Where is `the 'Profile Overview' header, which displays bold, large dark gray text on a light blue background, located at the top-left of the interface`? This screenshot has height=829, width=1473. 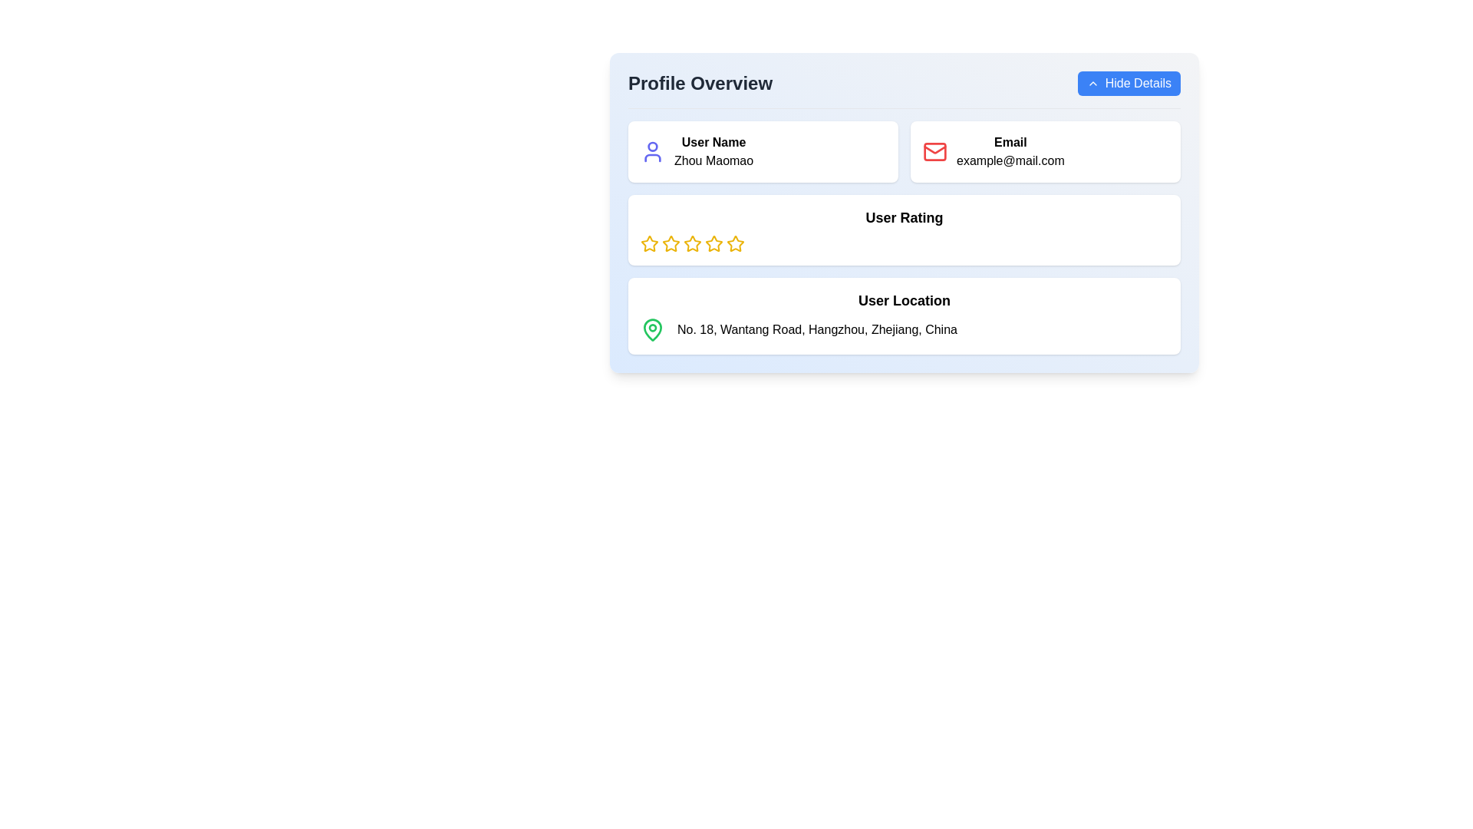
the 'Profile Overview' header, which displays bold, large dark gray text on a light blue background, located at the top-left of the interface is located at coordinates (699, 83).